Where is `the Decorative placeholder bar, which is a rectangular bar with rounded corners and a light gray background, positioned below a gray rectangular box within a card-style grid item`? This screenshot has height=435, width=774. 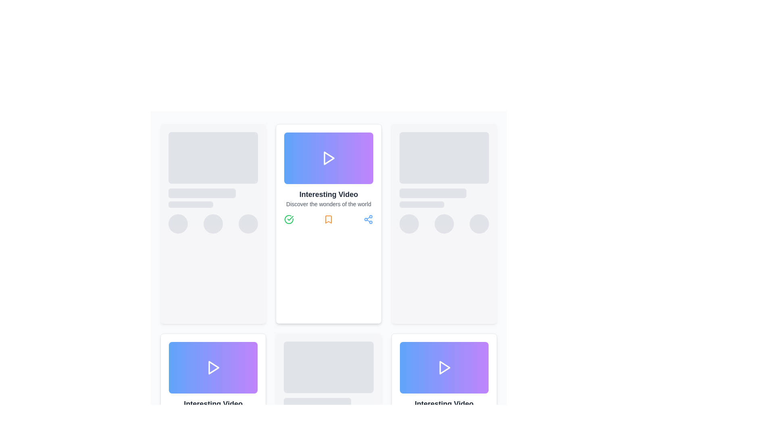 the Decorative placeholder bar, which is a rectangular bar with rounded corners and a light gray background, positioned below a gray rectangular box within a card-style grid item is located at coordinates (317, 402).